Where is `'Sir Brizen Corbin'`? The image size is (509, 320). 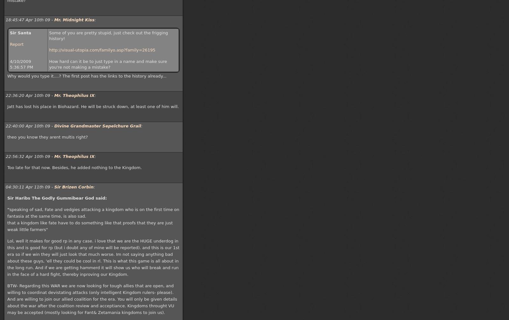
'Sir Brizen Corbin' is located at coordinates (73, 187).